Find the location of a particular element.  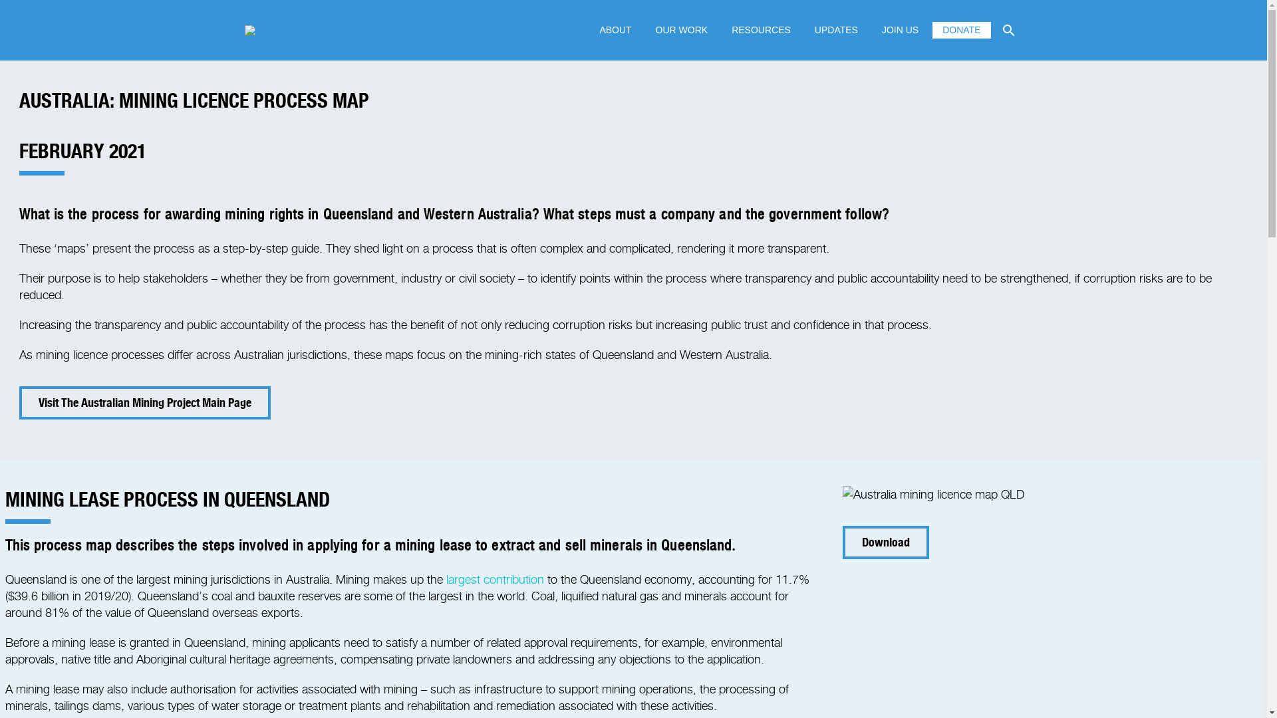

'Download' is located at coordinates (886, 542).